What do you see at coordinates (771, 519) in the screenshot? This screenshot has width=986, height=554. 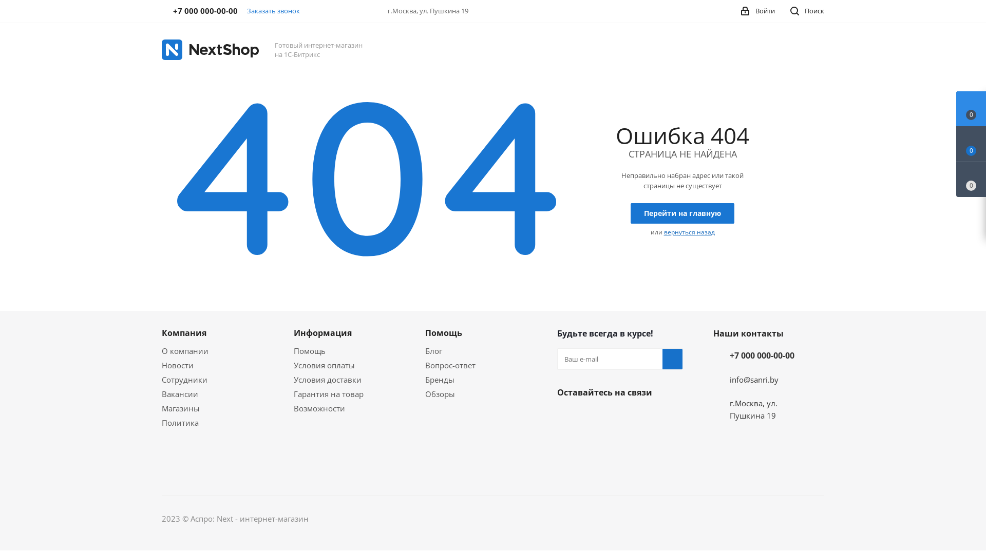 I see `'Qiwi'` at bounding box center [771, 519].